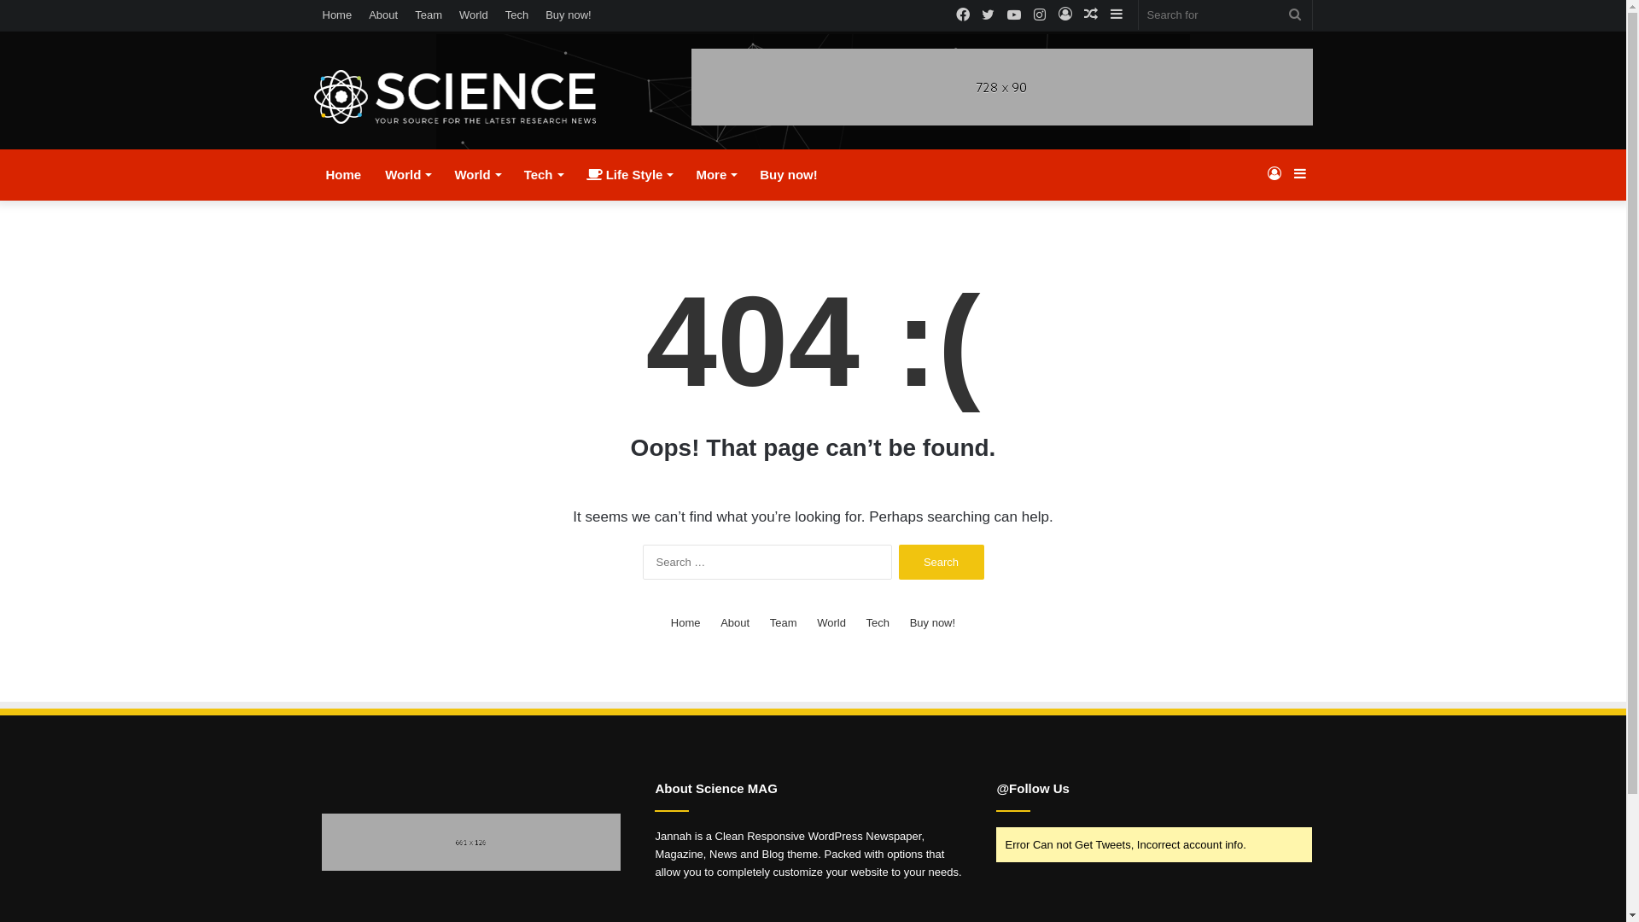  Describe the element at coordinates (782, 622) in the screenshot. I see `'Team'` at that location.